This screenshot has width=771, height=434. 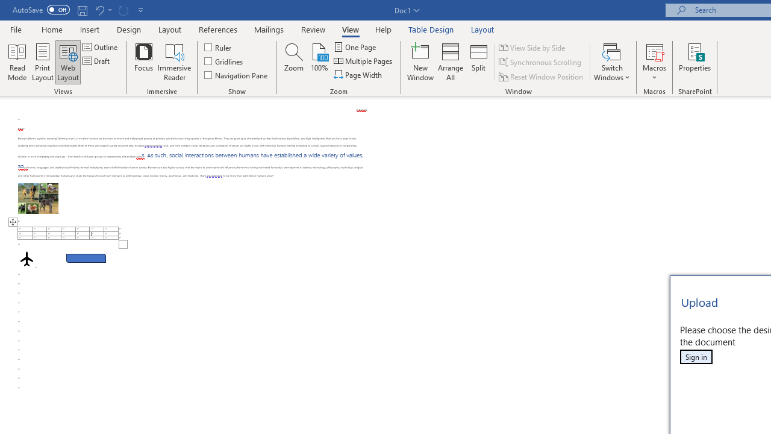 I want to click on 'Synchronous Scrolling', so click(x=540, y=62).